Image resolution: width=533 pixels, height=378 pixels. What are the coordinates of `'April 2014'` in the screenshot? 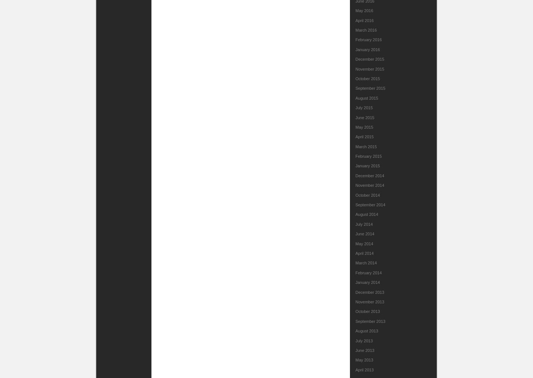 It's located at (355, 253).